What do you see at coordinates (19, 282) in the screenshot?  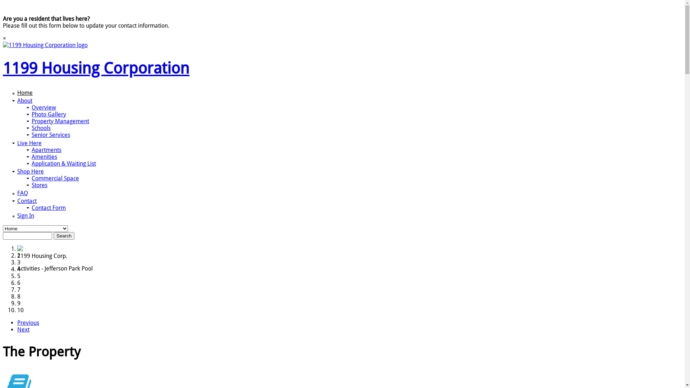 I see `'6'` at bounding box center [19, 282].